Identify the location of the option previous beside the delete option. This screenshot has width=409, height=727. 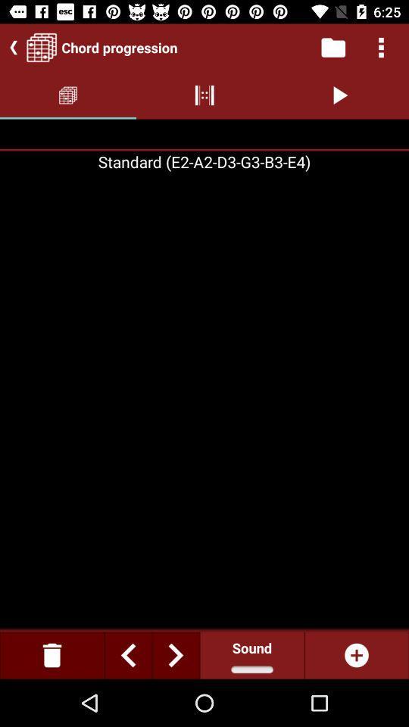
(127, 654).